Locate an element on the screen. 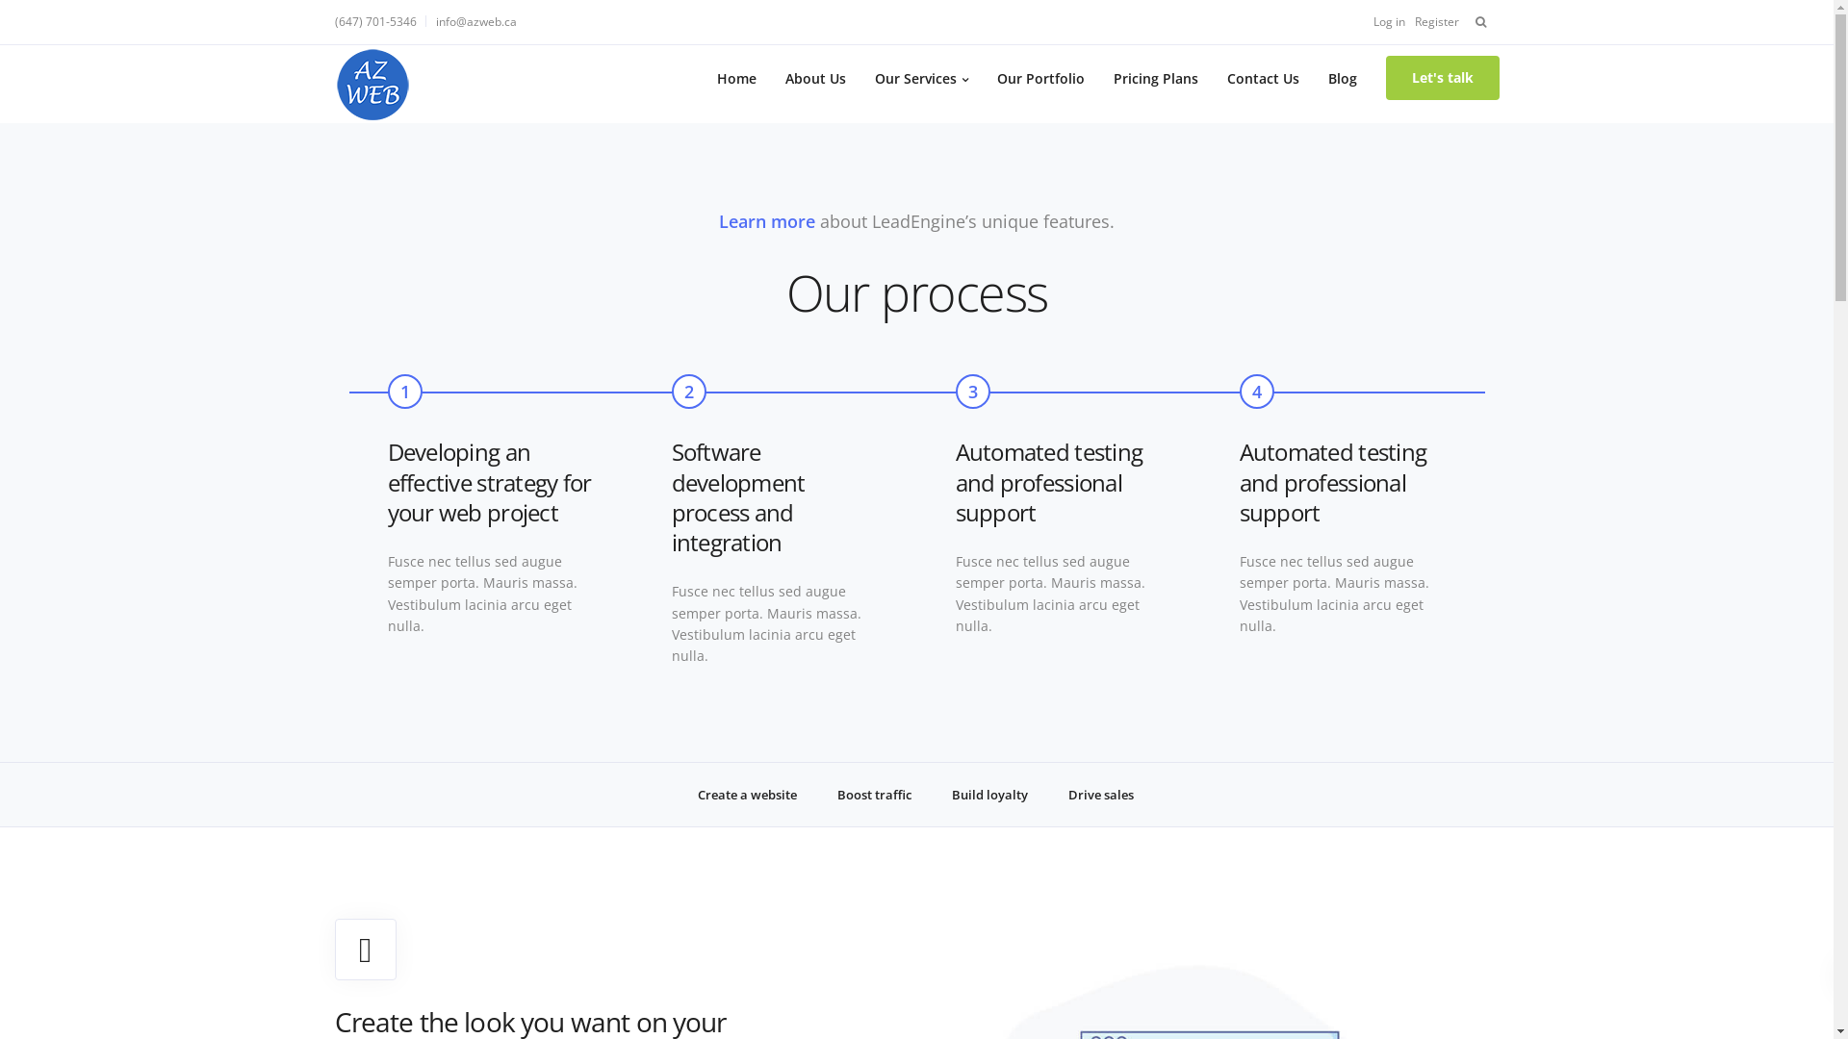  'Let's talk' is located at coordinates (1442, 77).